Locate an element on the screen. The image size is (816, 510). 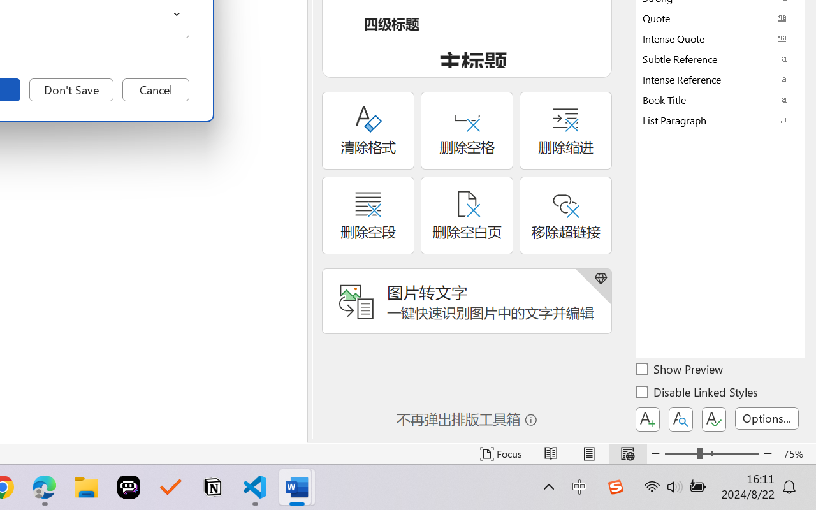
'Intense Quote' is located at coordinates (720, 38).